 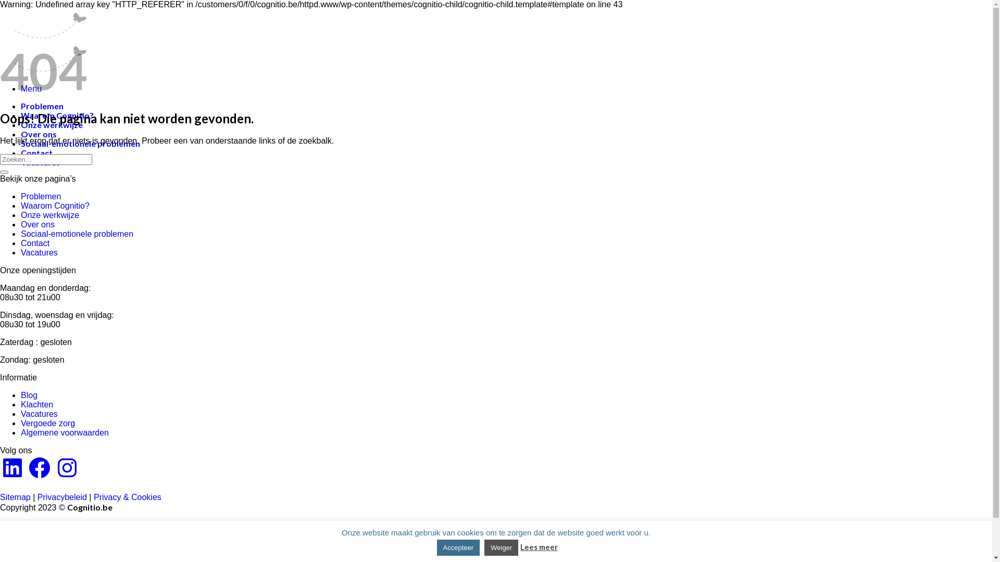 I want to click on 'Vacatures', so click(x=40, y=162).